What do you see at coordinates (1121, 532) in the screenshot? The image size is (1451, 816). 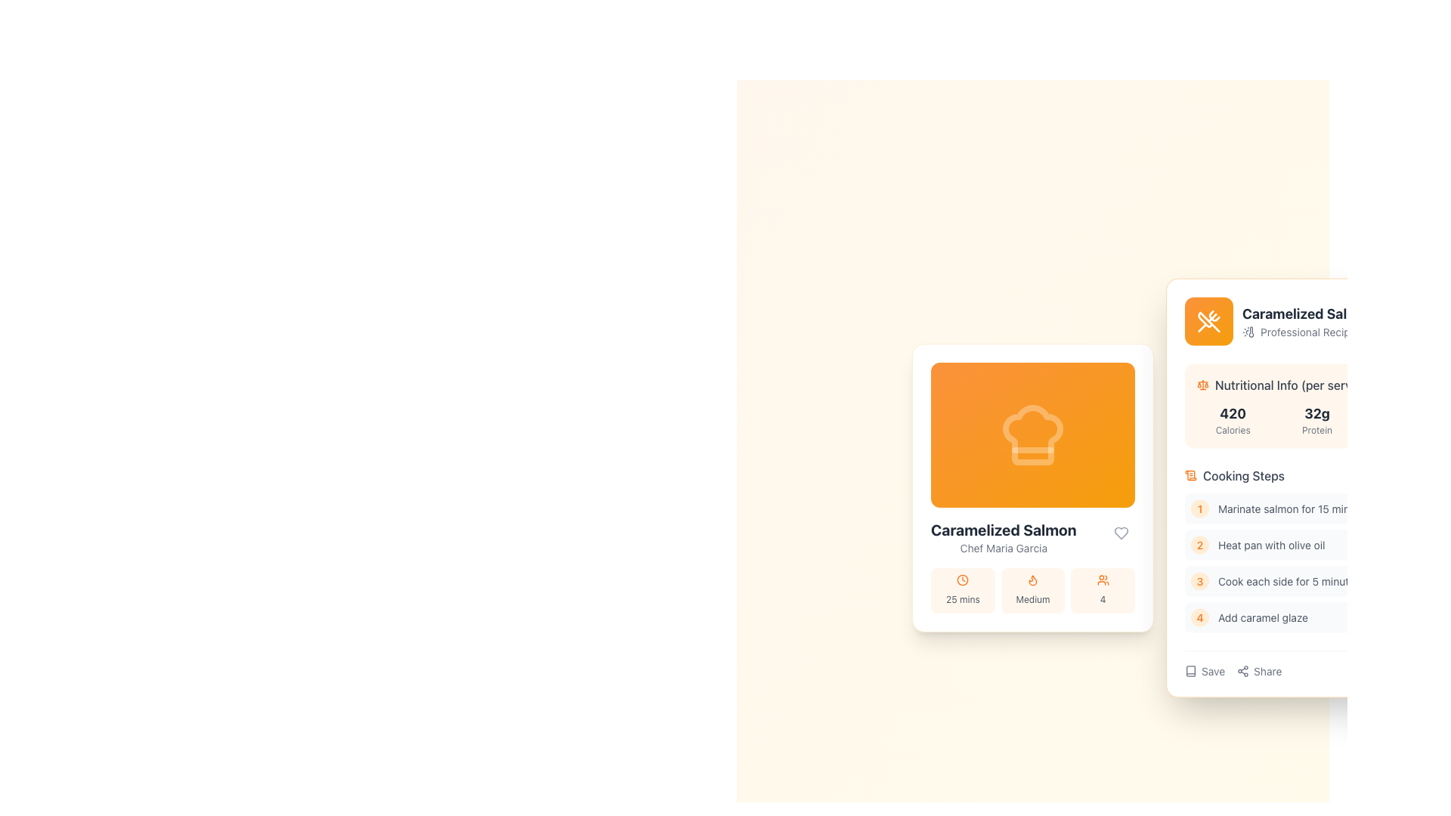 I see `the heart icon button located in the bottom-right corner of the 'Caramelized Salmon' card to favorite the item` at bounding box center [1121, 532].